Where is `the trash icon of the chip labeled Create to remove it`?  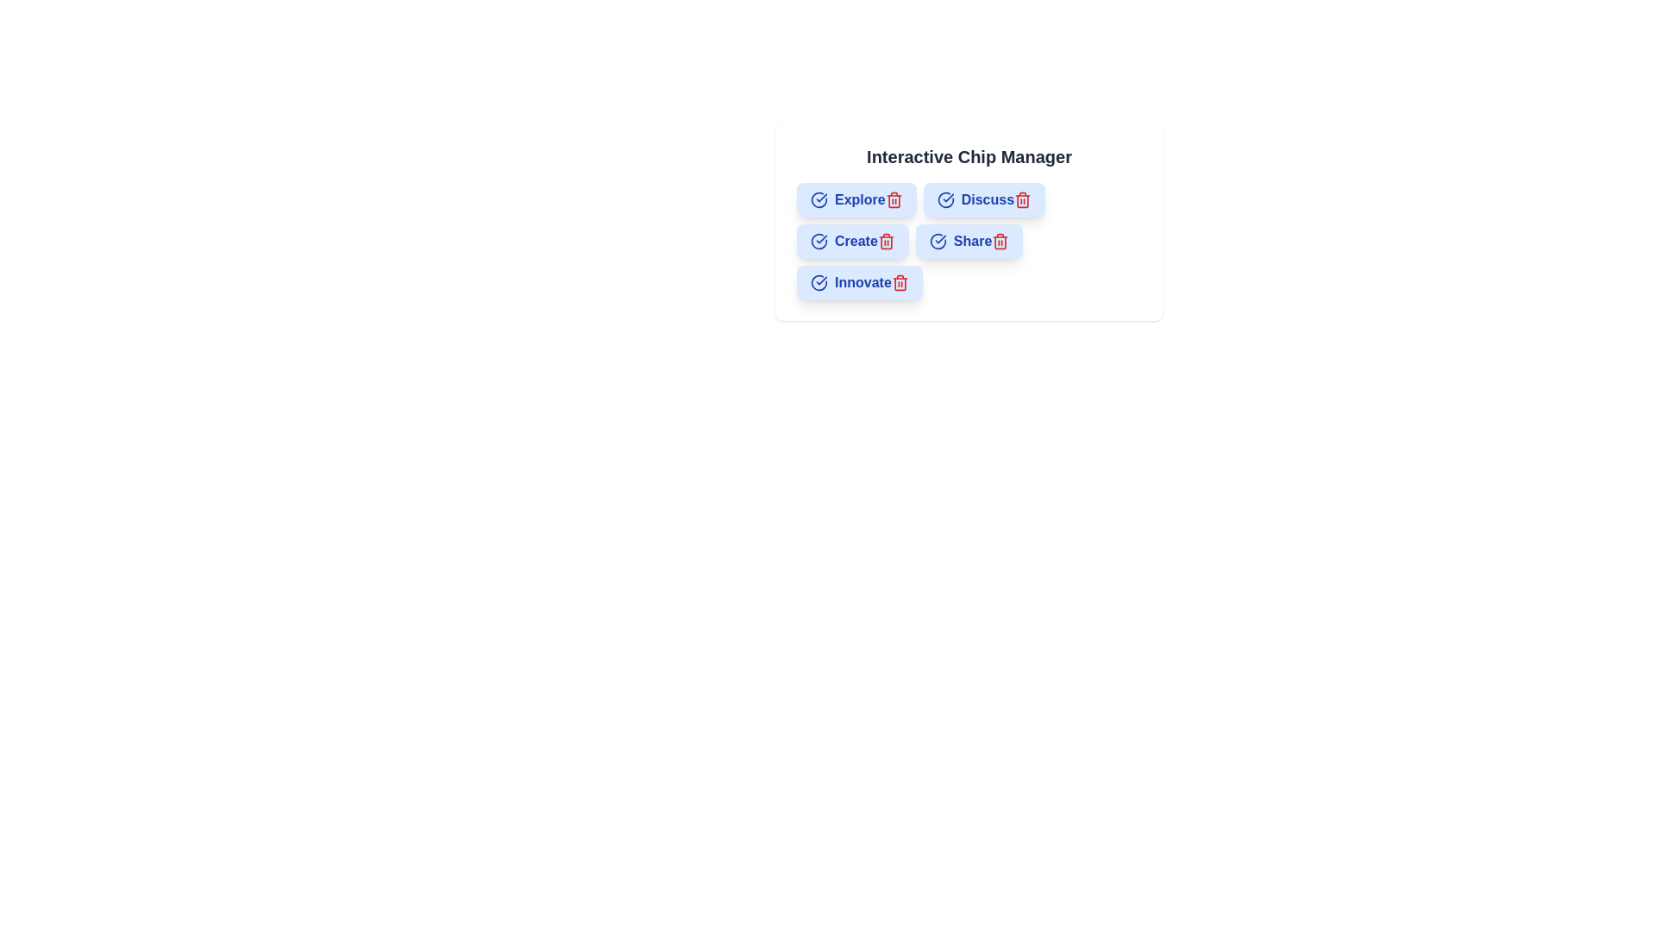 the trash icon of the chip labeled Create to remove it is located at coordinates (886, 242).